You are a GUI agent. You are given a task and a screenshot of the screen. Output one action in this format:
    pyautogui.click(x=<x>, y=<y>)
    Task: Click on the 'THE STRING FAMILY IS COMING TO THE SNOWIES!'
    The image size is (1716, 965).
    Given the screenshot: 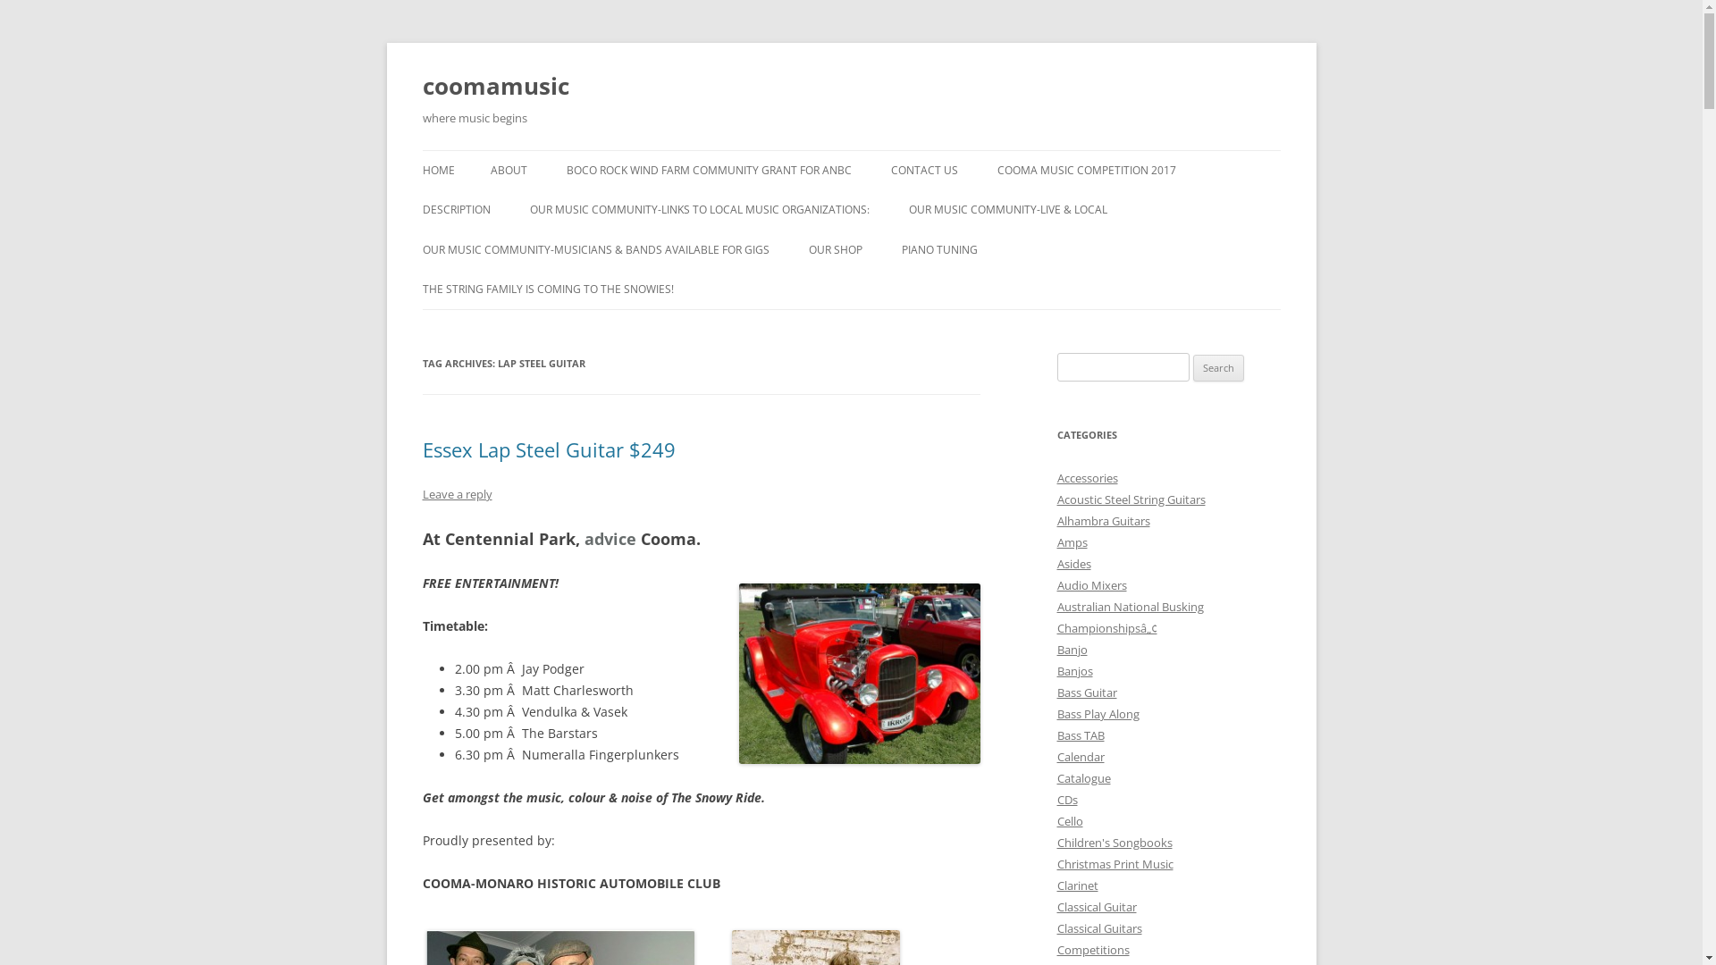 What is the action you would take?
    pyautogui.click(x=546, y=289)
    